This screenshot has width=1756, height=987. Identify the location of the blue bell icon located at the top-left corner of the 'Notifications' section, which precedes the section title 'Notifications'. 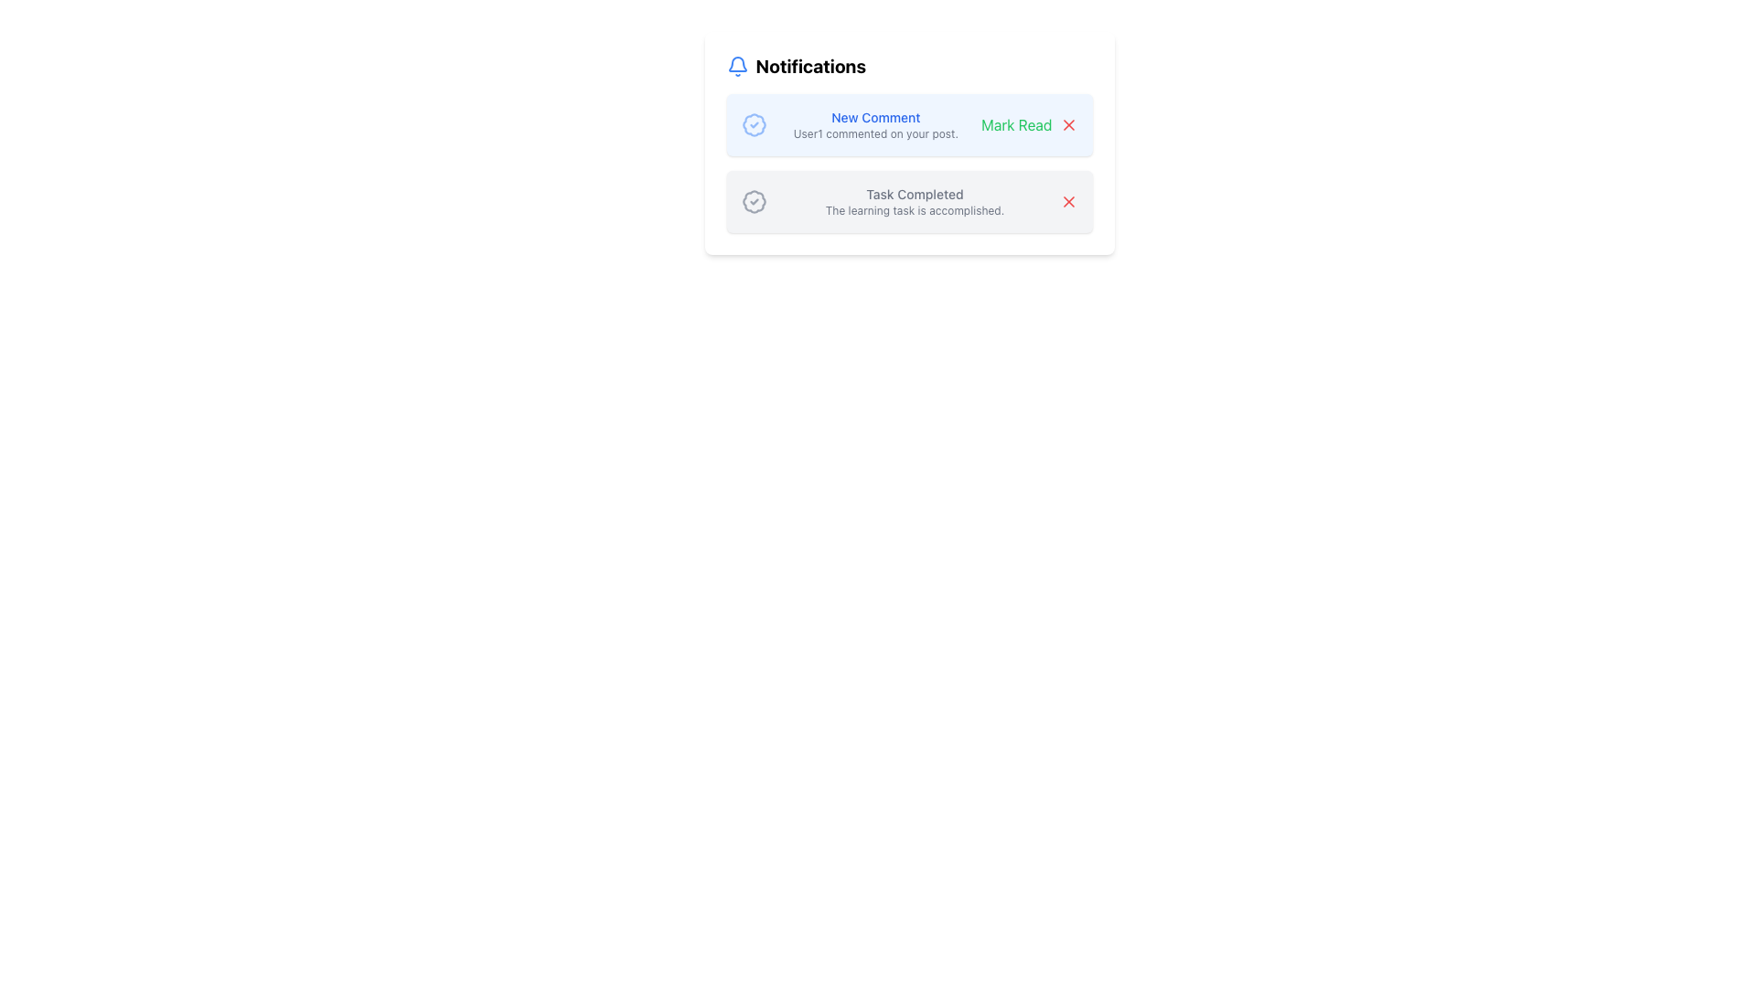
(737, 66).